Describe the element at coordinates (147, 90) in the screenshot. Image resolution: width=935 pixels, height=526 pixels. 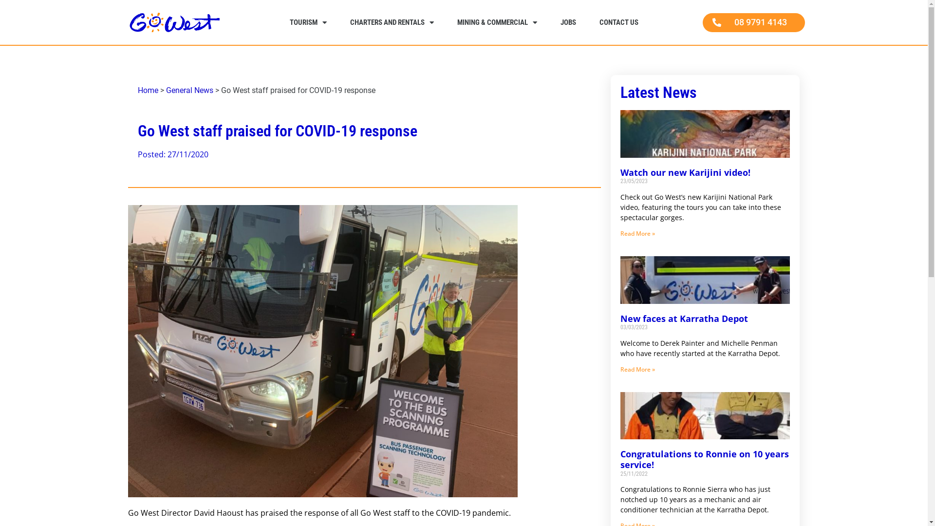
I see `'Home'` at that location.